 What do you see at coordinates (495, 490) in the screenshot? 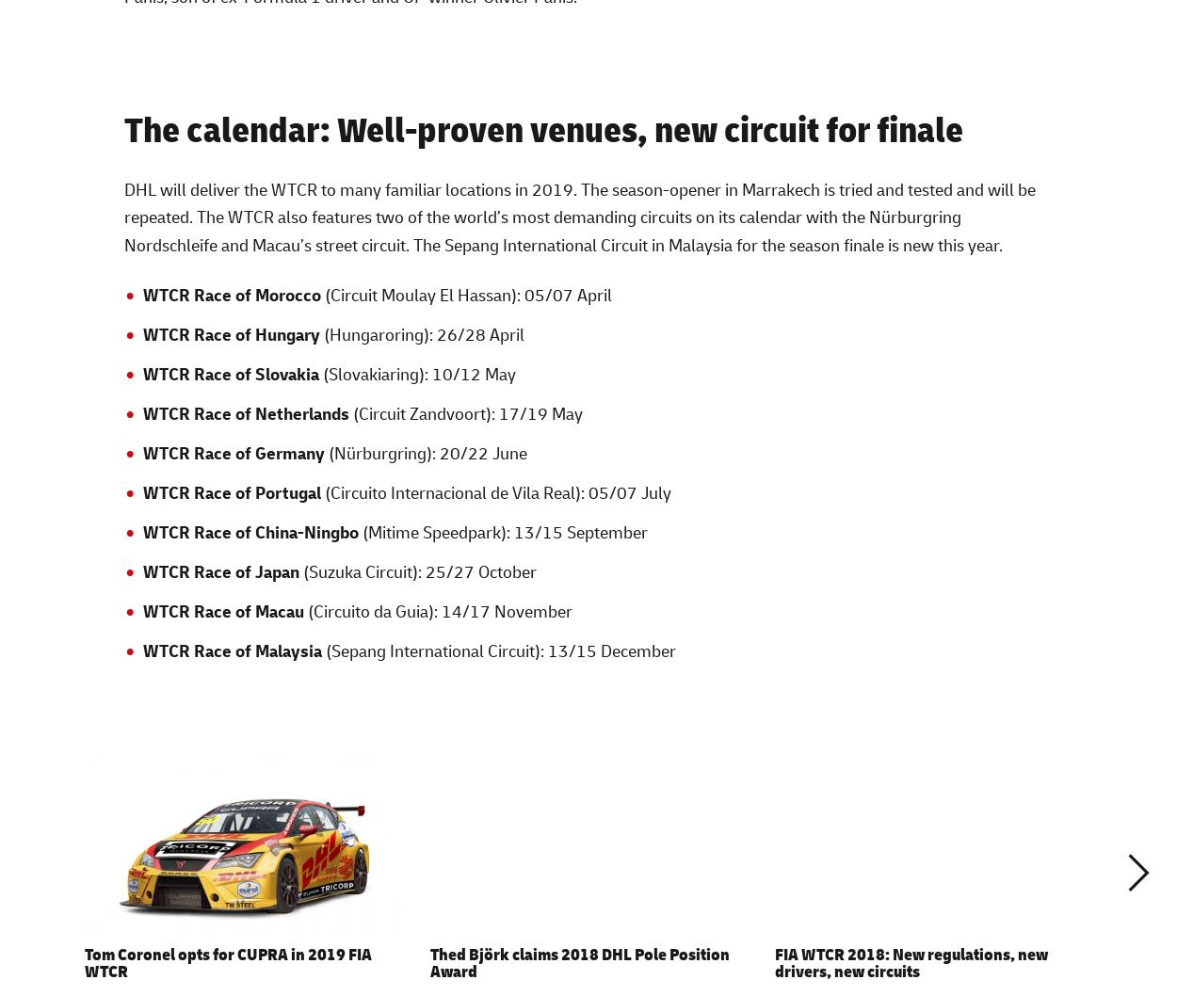
I see `'(Circuito Internacional de Vila Real): 05/07 July'` at bounding box center [495, 490].